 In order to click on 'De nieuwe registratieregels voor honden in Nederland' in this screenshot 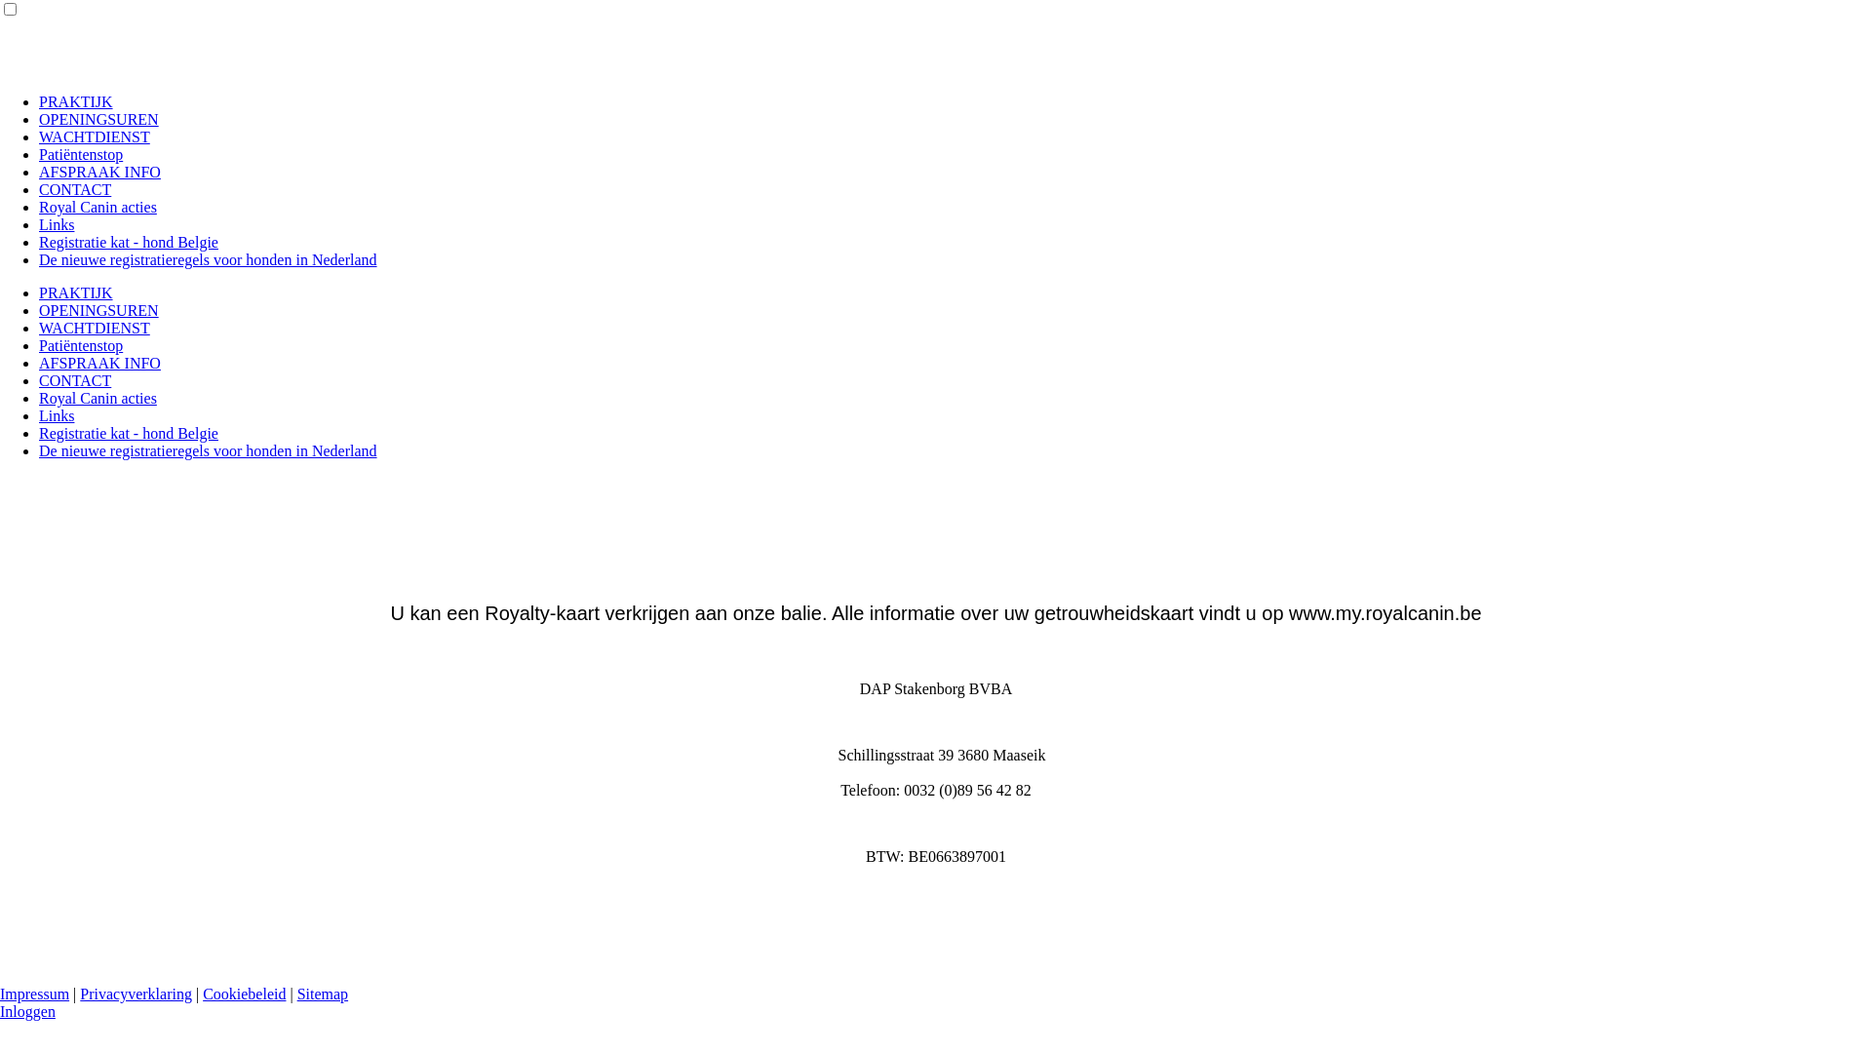, I will do `click(208, 258)`.